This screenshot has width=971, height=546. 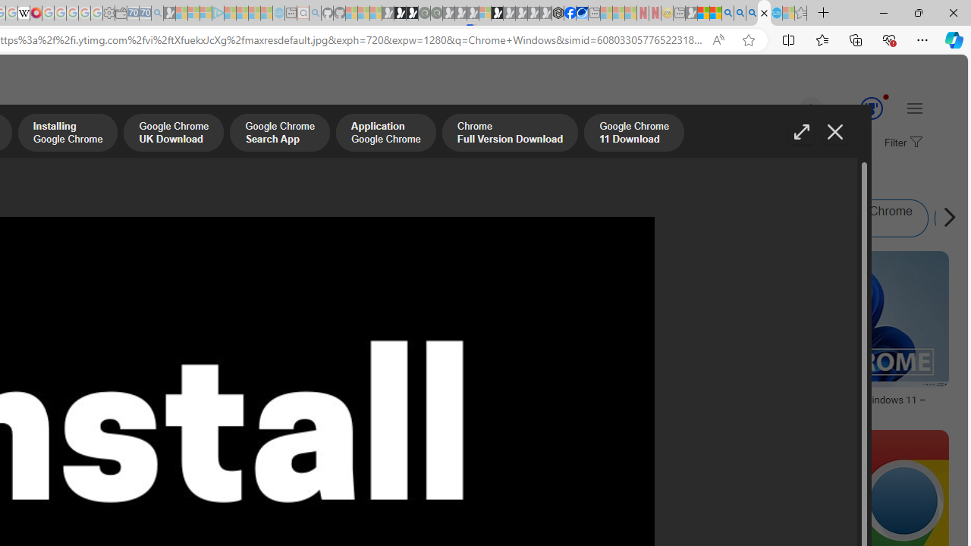 What do you see at coordinates (886, 96) in the screenshot?
I see `'Animation'` at bounding box center [886, 96].